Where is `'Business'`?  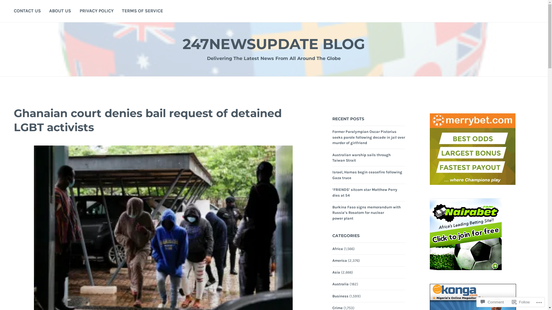 'Business' is located at coordinates (340, 296).